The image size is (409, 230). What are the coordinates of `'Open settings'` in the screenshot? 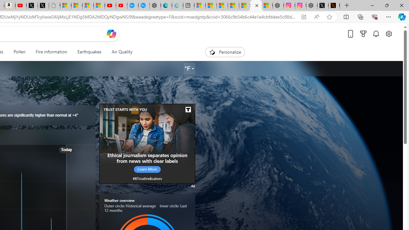 It's located at (388, 34).